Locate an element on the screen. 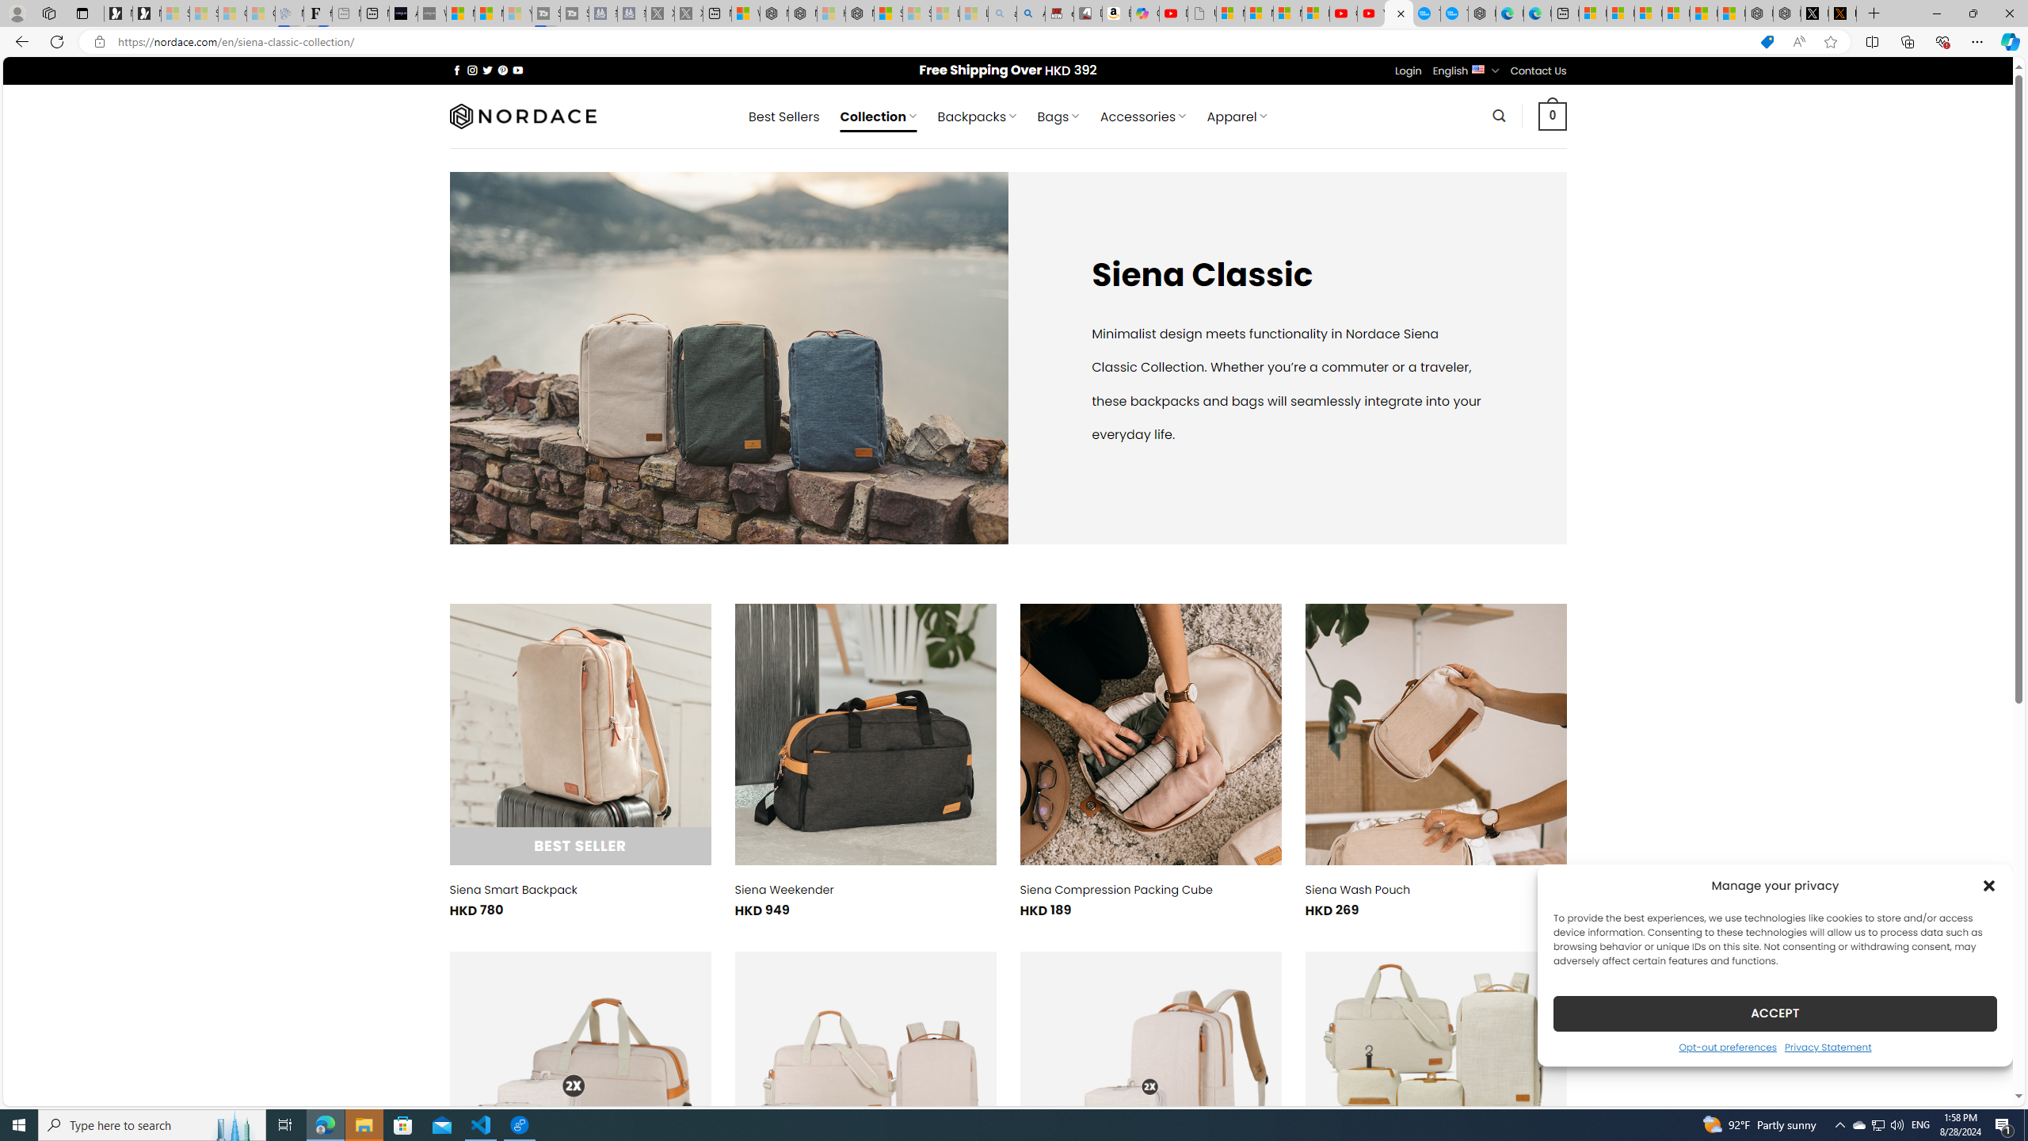  '  0  ' is located at coordinates (1553, 115).